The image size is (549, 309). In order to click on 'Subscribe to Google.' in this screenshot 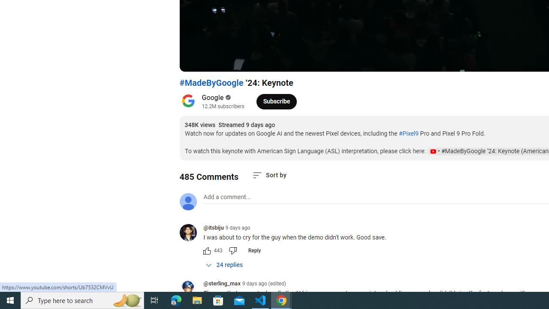, I will do `click(276, 101)`.